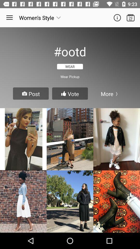 Image resolution: width=140 pixels, height=249 pixels. I want to click on the icon to the left of the women's style icon, so click(9, 18).